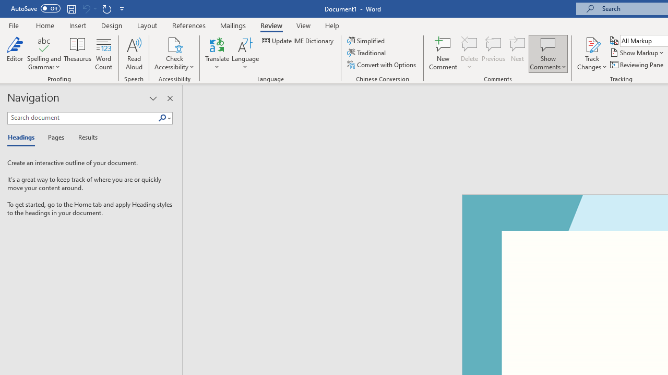  What do you see at coordinates (381, 65) in the screenshot?
I see `'Convert with Options...'` at bounding box center [381, 65].